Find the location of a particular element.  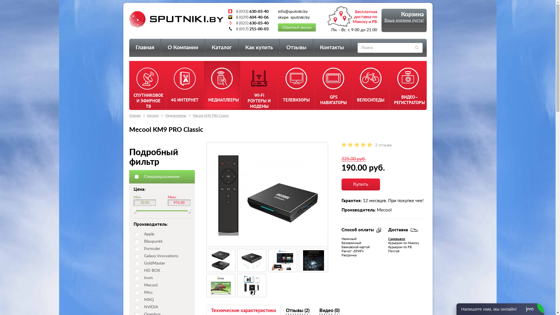

'Mecool KM9 PRO Classic' is located at coordinates (283, 260).